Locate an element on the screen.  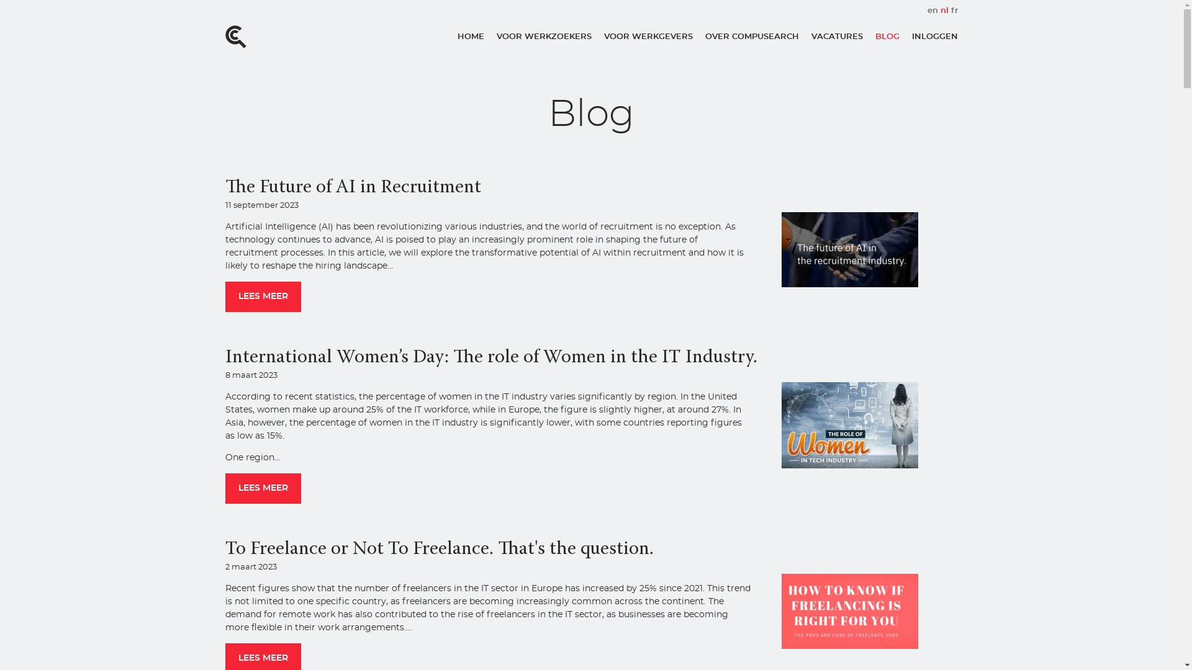
'To Freelance or Not To Freelance. That's the question.' is located at coordinates (438, 549).